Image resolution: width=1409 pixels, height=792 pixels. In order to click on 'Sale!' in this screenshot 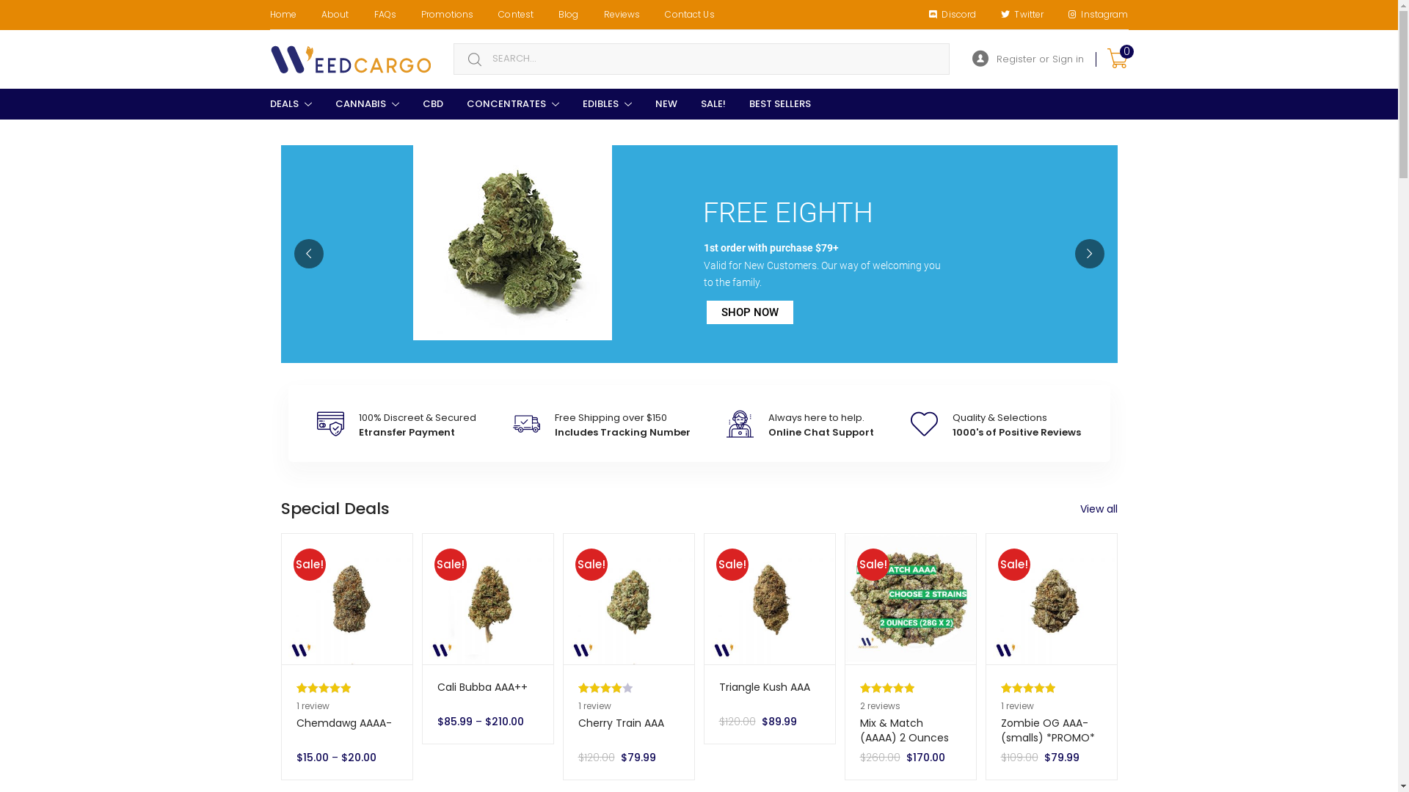, I will do `click(422, 599)`.